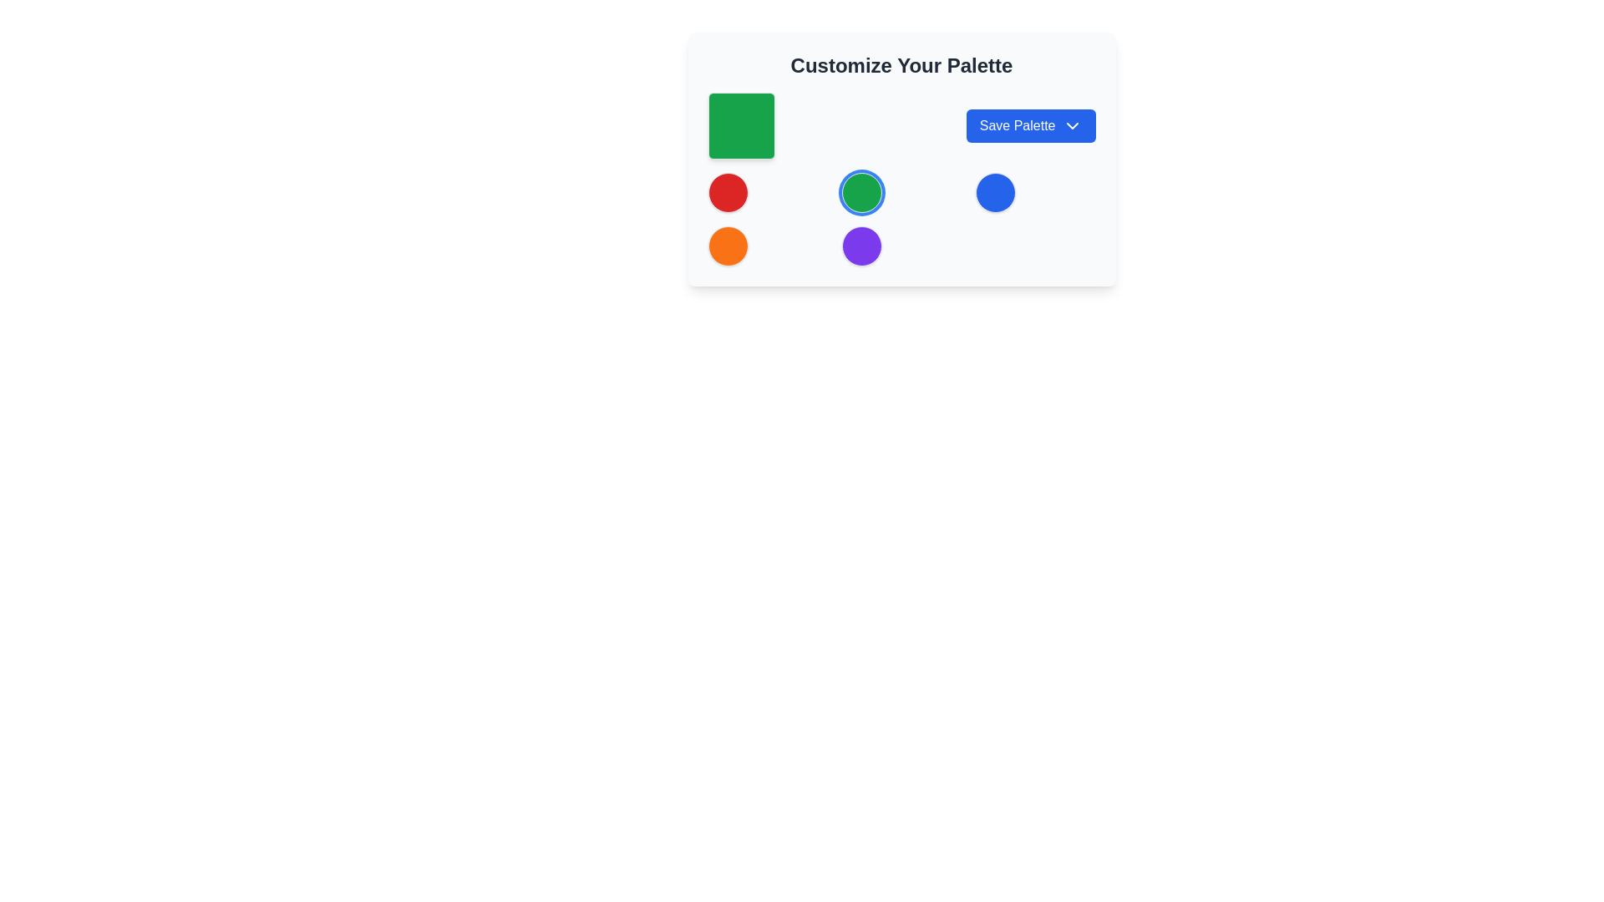  I want to click on the 'Save Palette' button, which is a rectangular button with a blue background and rounded corners, containing white text and a down arrow icon, so click(1029, 124).